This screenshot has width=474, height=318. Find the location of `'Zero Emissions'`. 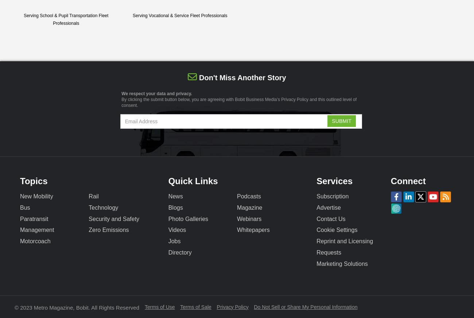

'Zero Emissions' is located at coordinates (108, 230).